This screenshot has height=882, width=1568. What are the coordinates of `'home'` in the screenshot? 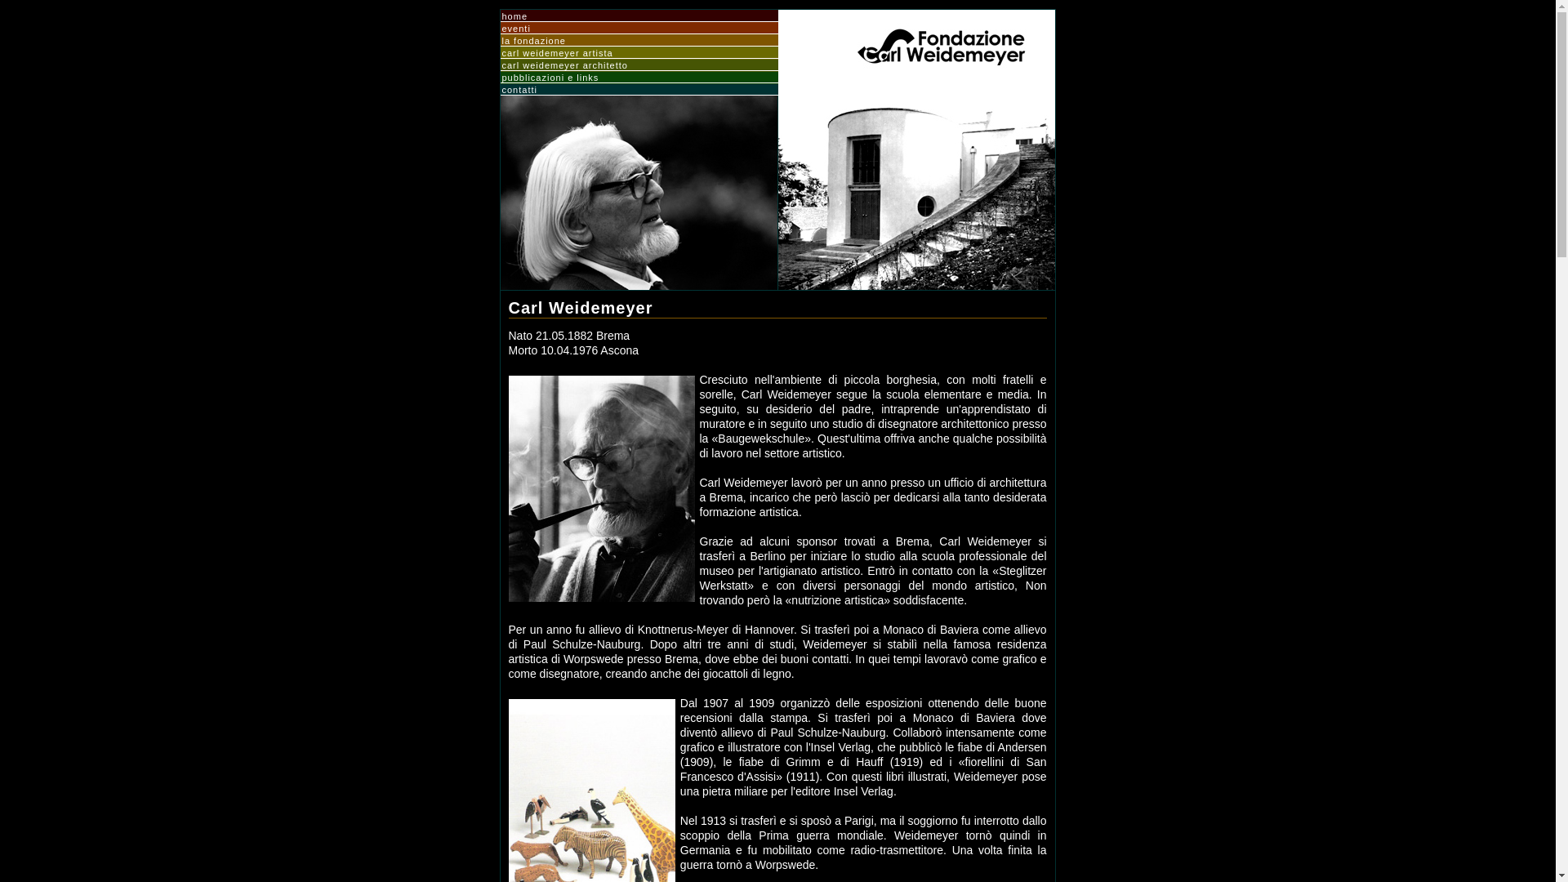 It's located at (501, 16).